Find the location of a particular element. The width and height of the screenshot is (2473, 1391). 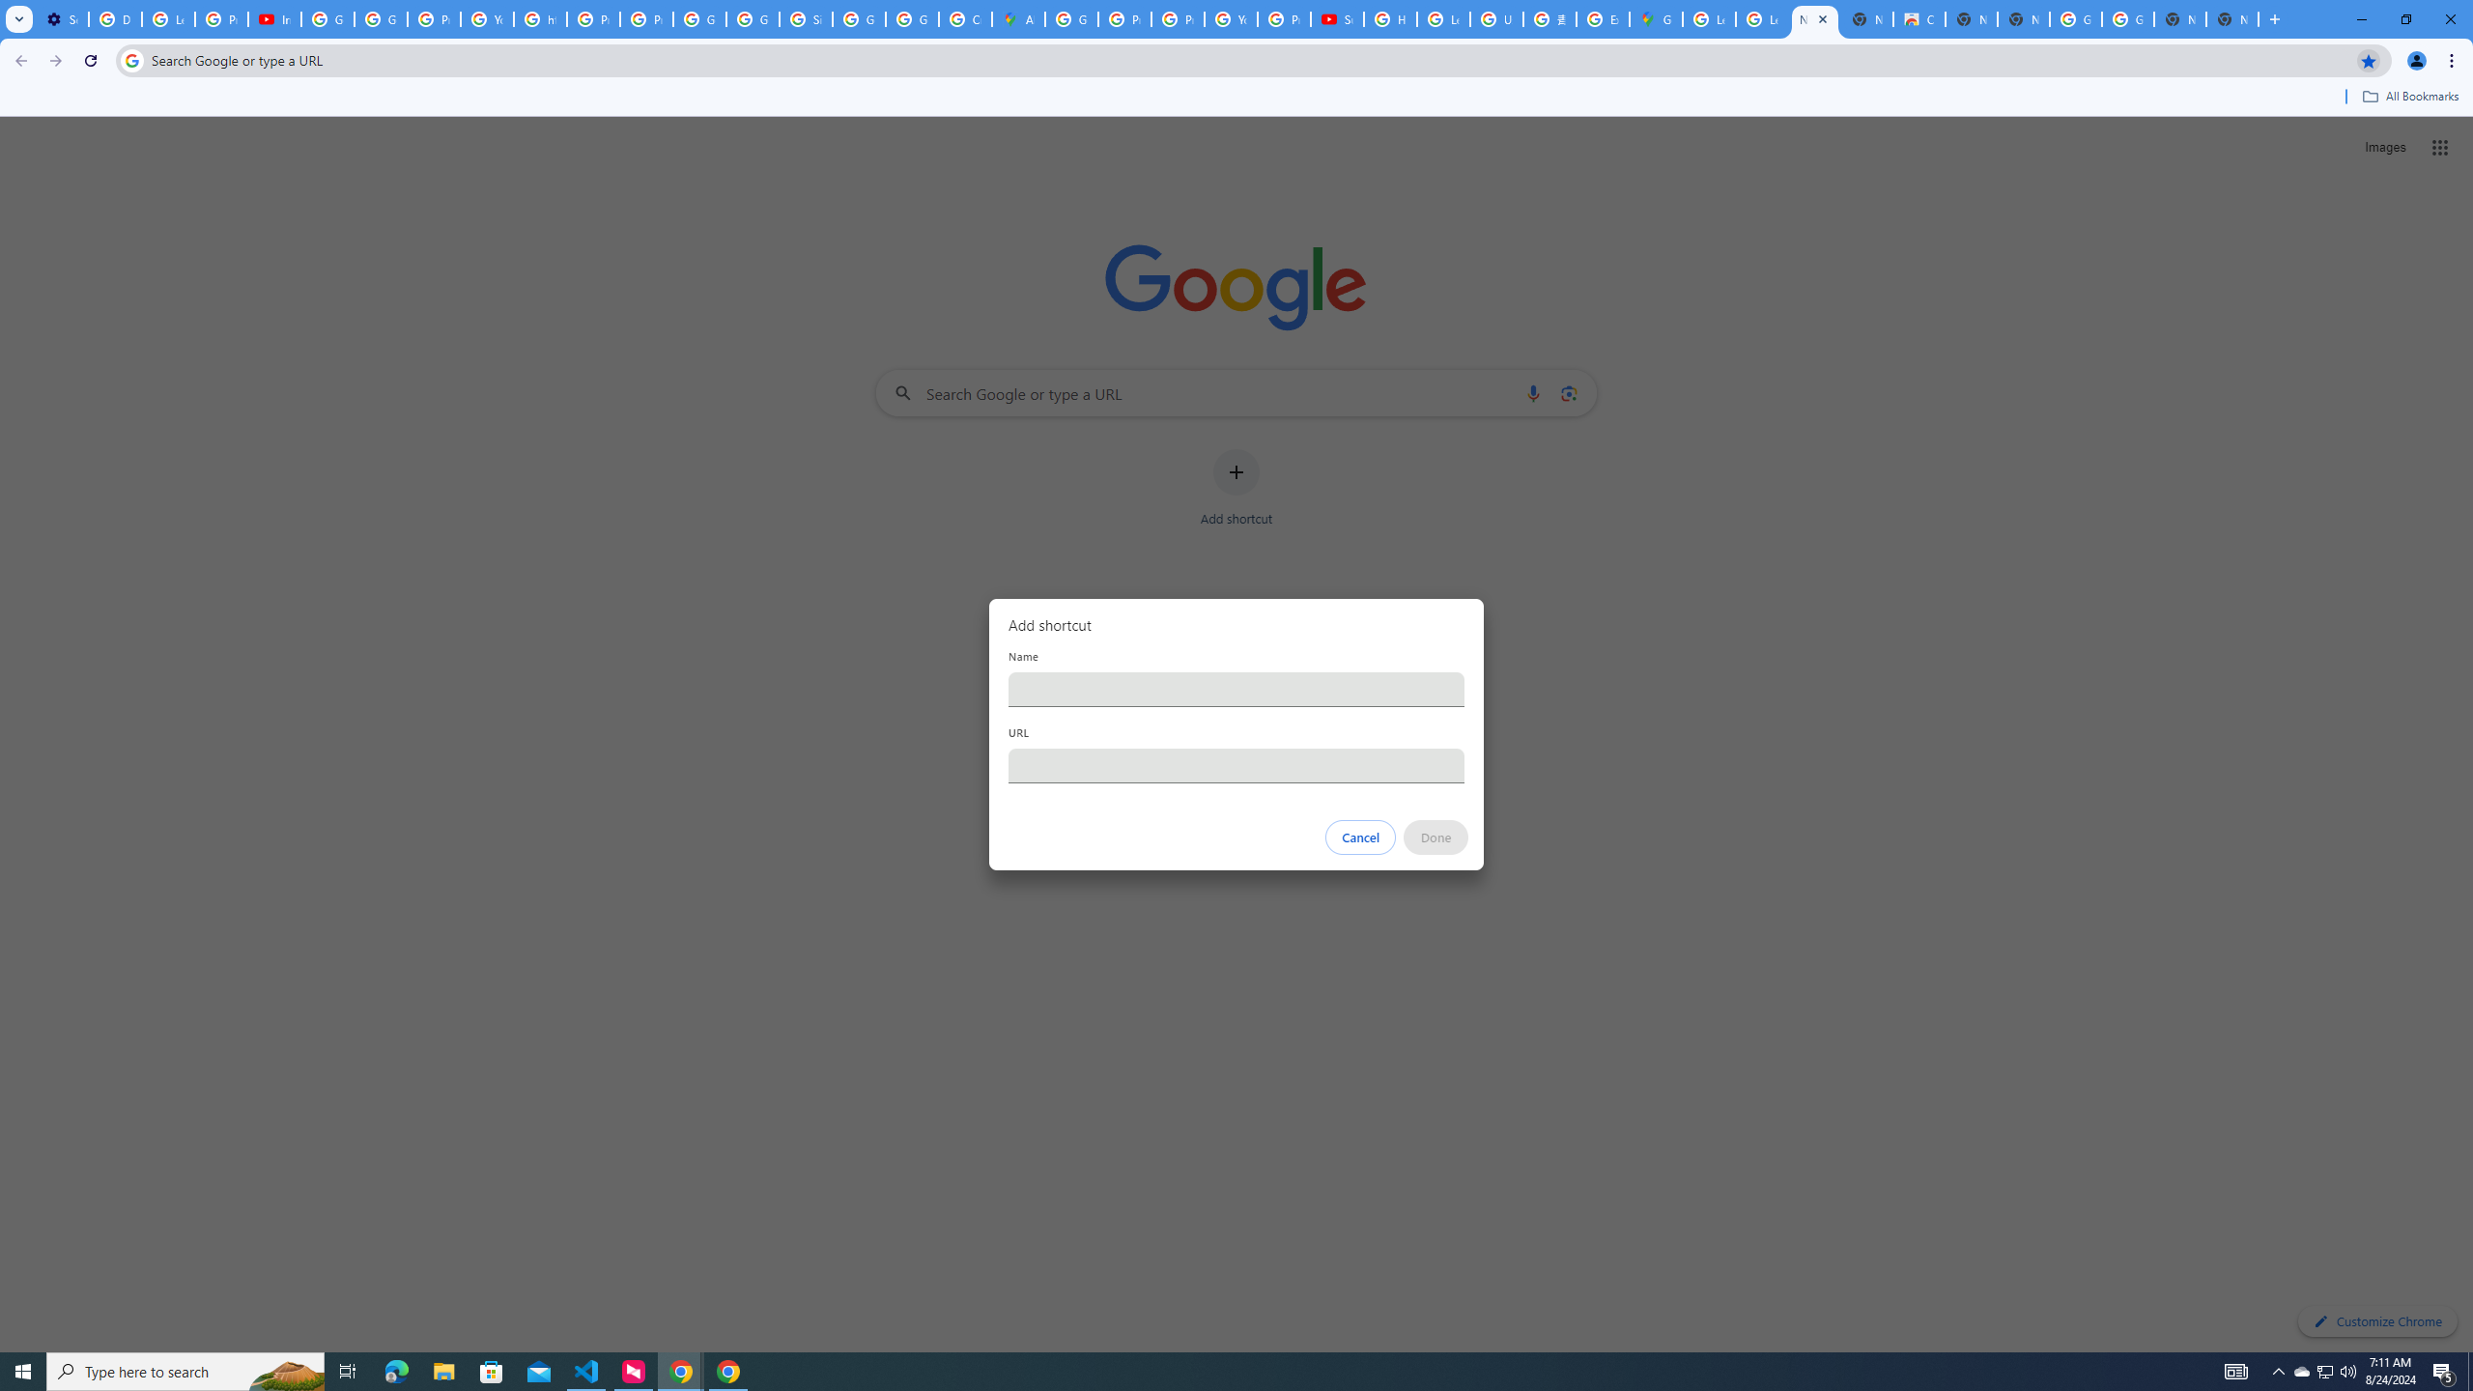

'Search icon' is located at coordinates (130, 59).